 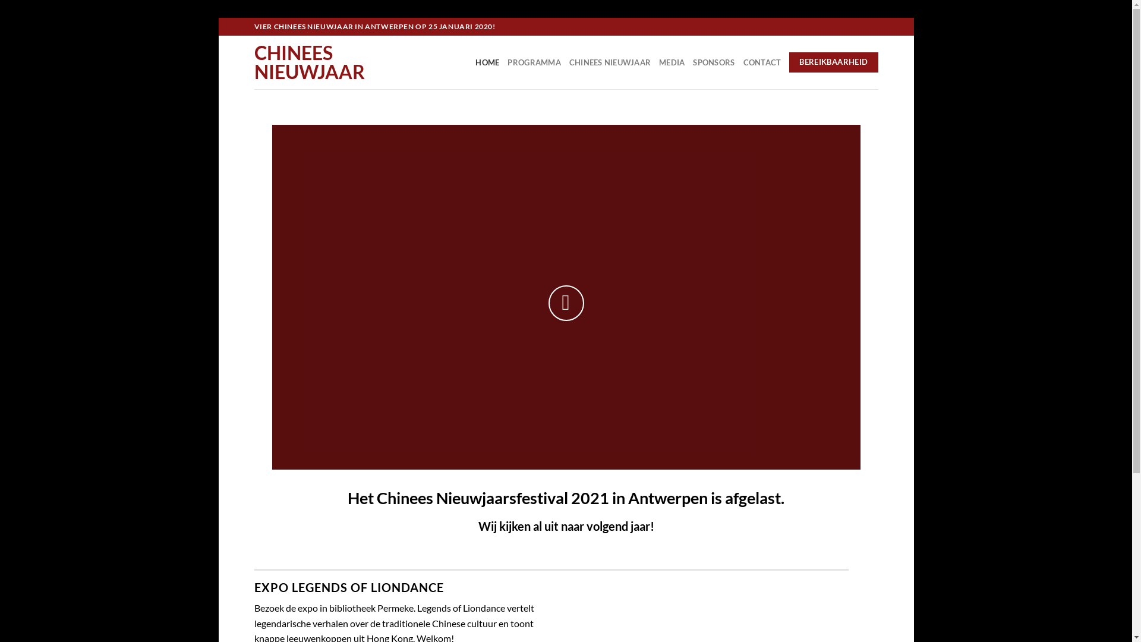 I want to click on 'CONTACT', so click(x=742, y=62).